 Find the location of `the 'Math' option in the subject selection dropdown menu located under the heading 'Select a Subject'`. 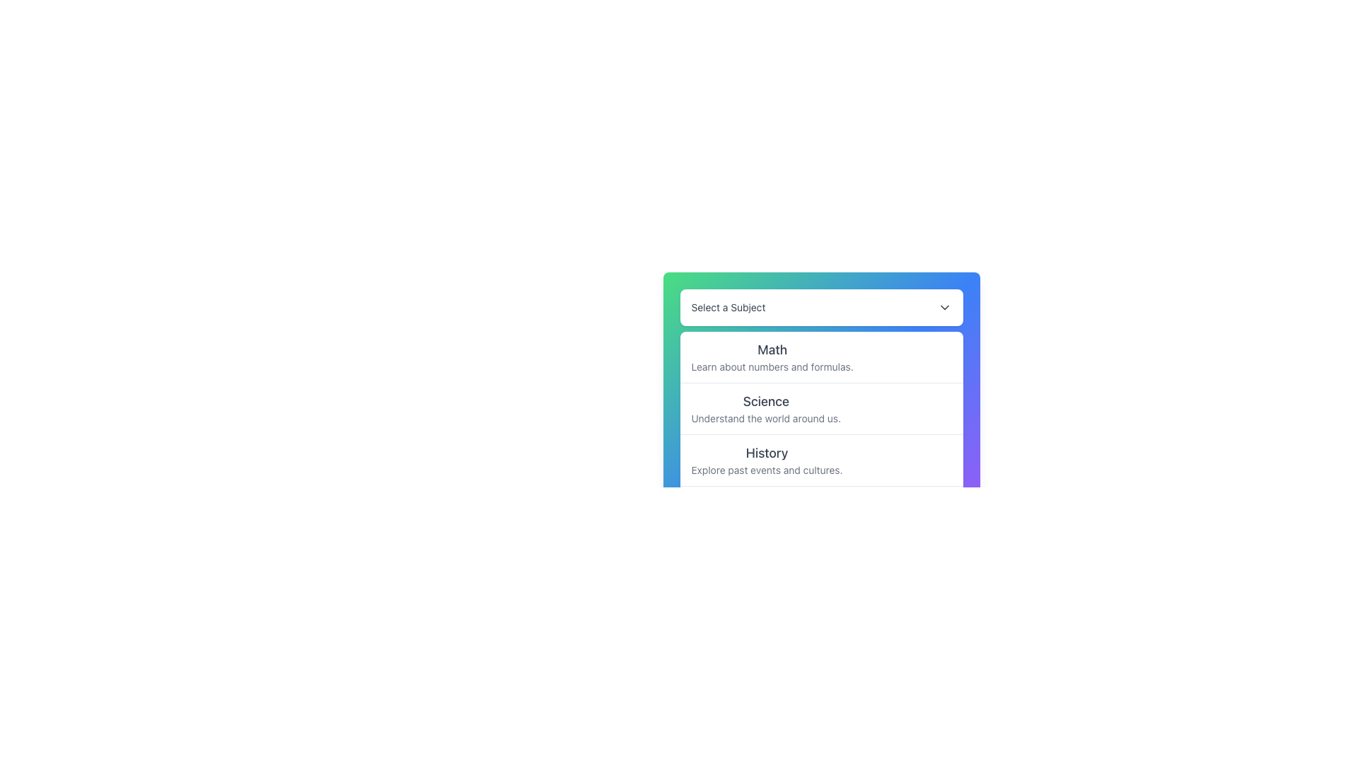

the 'Math' option in the subject selection dropdown menu located under the heading 'Select a Subject' is located at coordinates (821, 357).